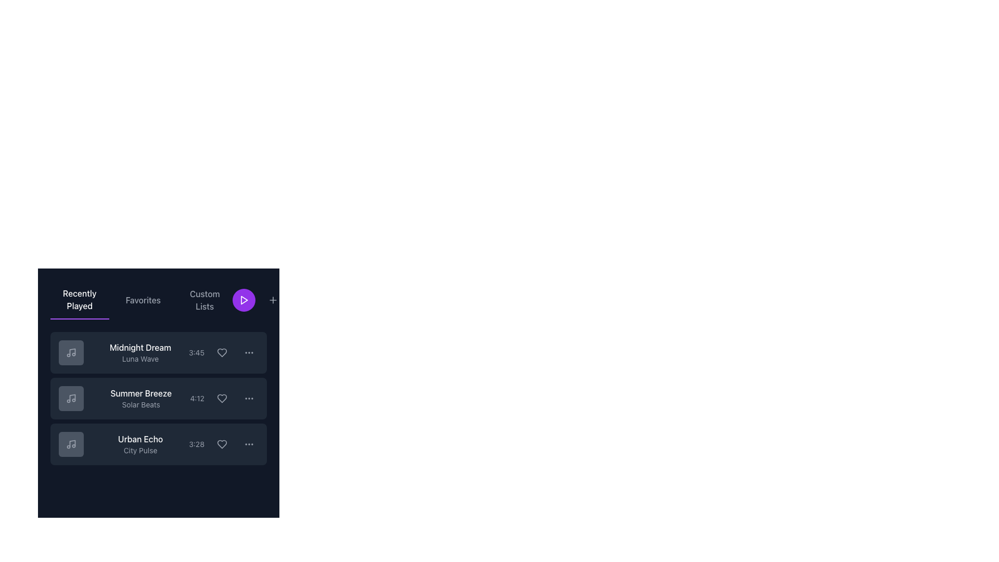 The image size is (999, 562). Describe the element at coordinates (223, 444) in the screenshot. I see `the heart-shaped icon button with a gray outline and empty interior, located between the '3:28' label and an ellipsis icon in the 'Urban Echo City Pulse' card` at that location.